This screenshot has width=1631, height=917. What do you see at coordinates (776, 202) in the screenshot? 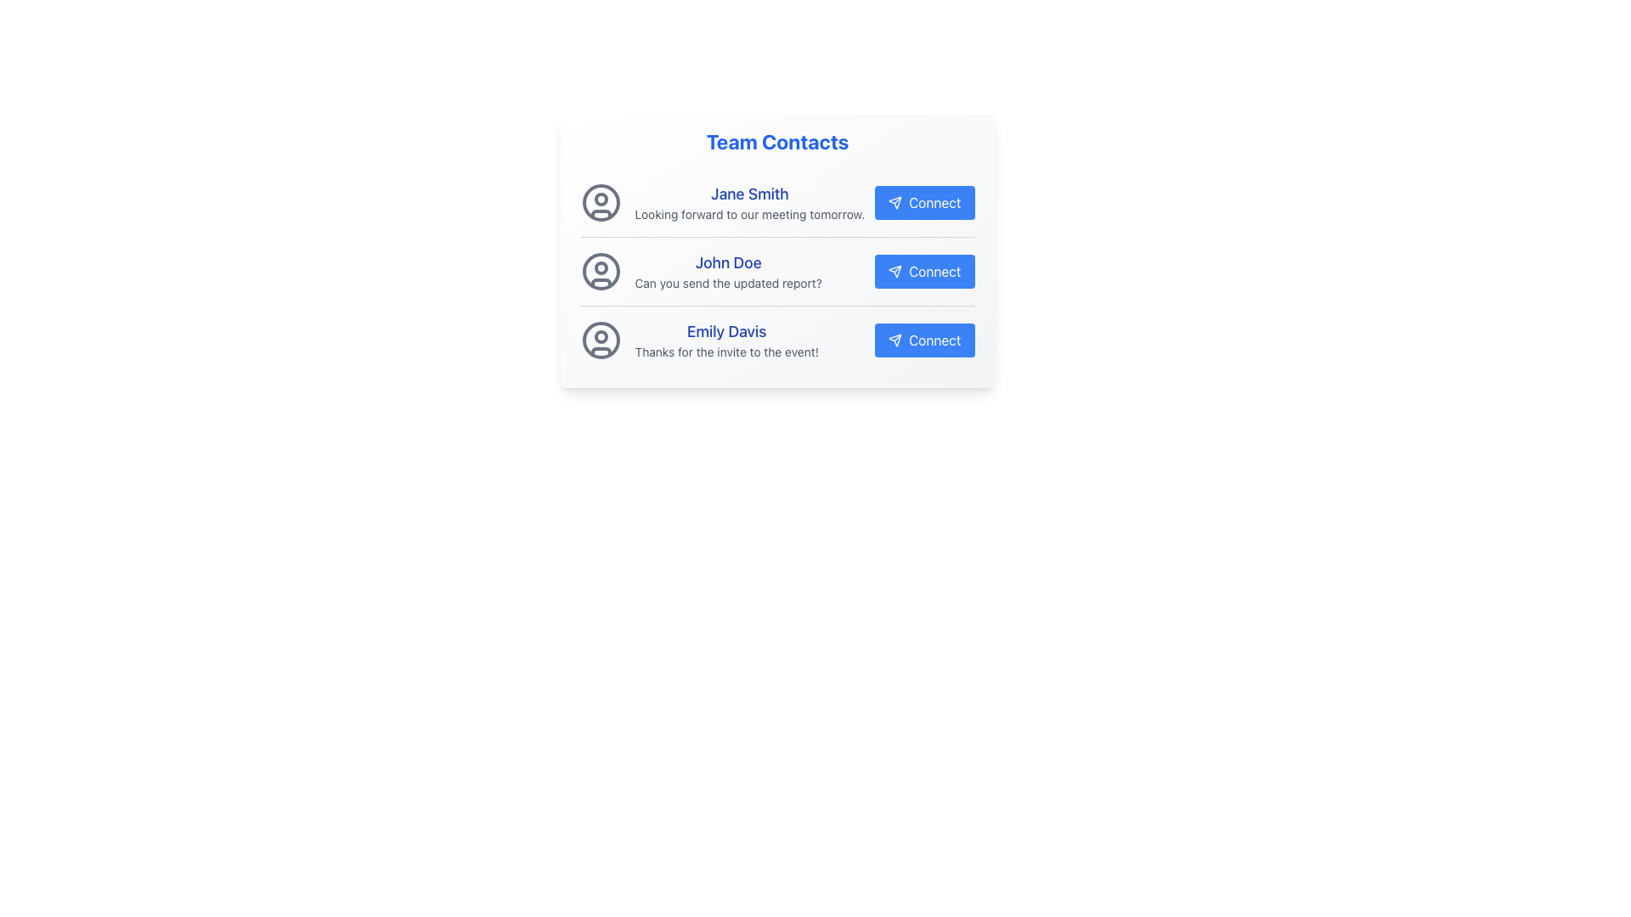
I see `contact information for 'Jane Smith' displayed in the entry at the top of the contact list, which includes the name and meeting details` at bounding box center [776, 202].